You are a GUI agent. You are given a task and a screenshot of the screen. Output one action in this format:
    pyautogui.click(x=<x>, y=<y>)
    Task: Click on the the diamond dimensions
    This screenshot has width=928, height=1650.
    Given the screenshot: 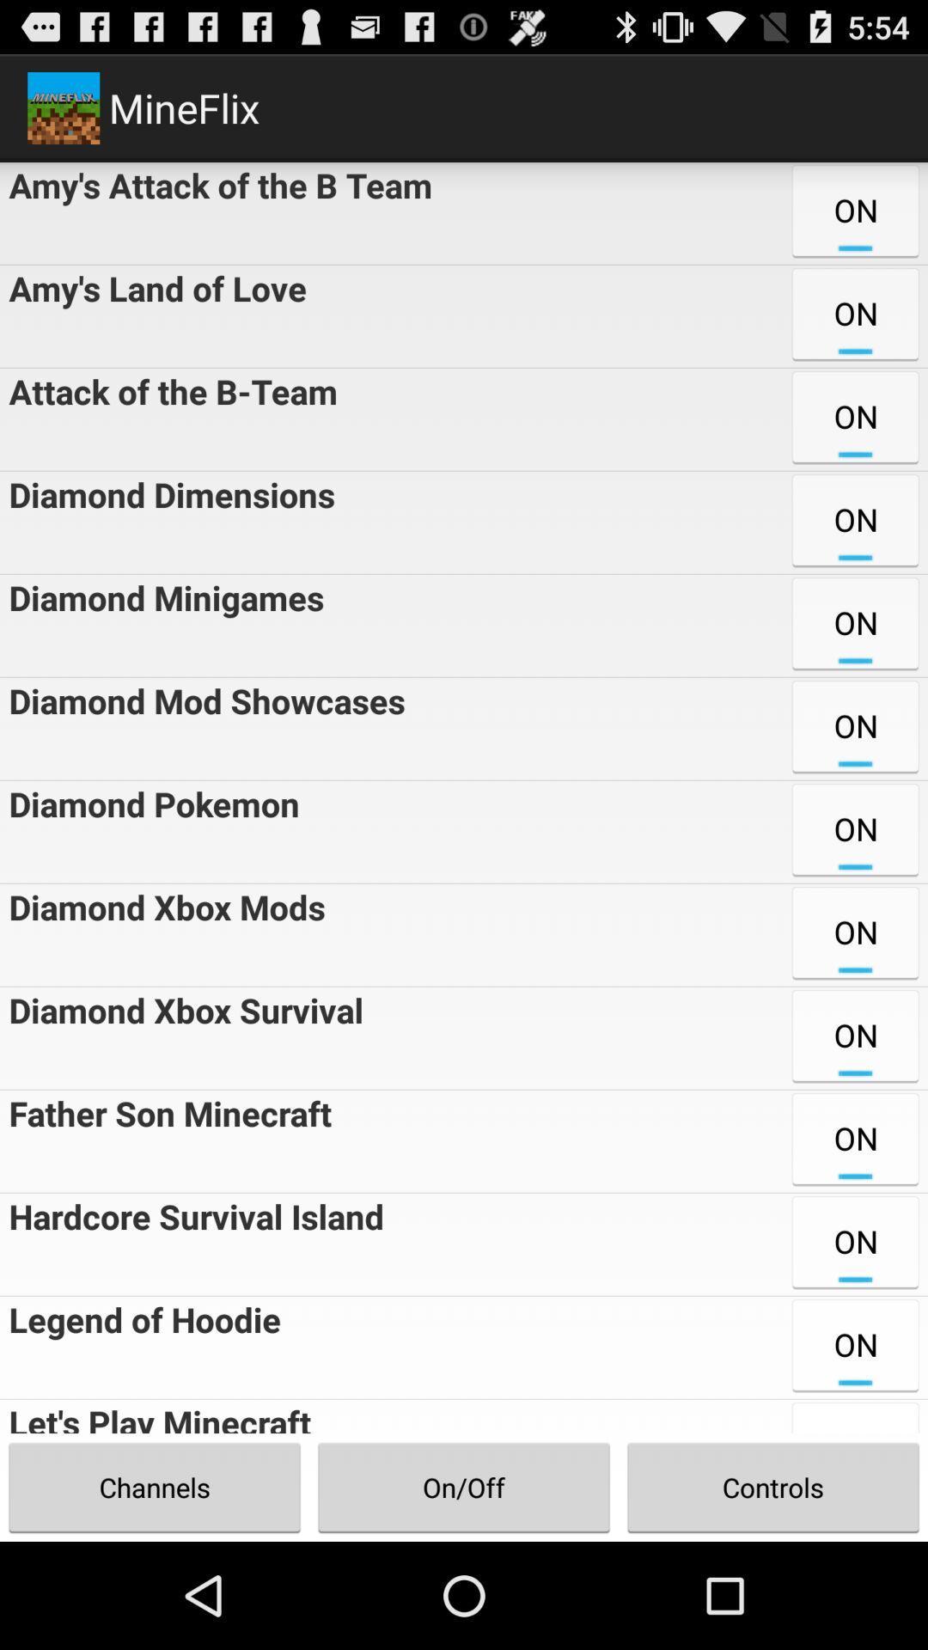 What is the action you would take?
    pyautogui.click(x=168, y=522)
    